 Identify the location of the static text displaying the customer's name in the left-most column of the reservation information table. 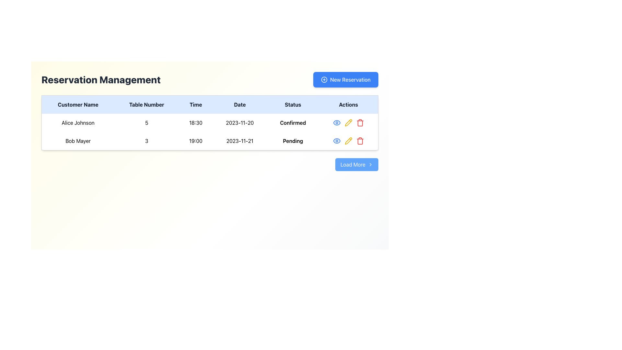
(78, 122).